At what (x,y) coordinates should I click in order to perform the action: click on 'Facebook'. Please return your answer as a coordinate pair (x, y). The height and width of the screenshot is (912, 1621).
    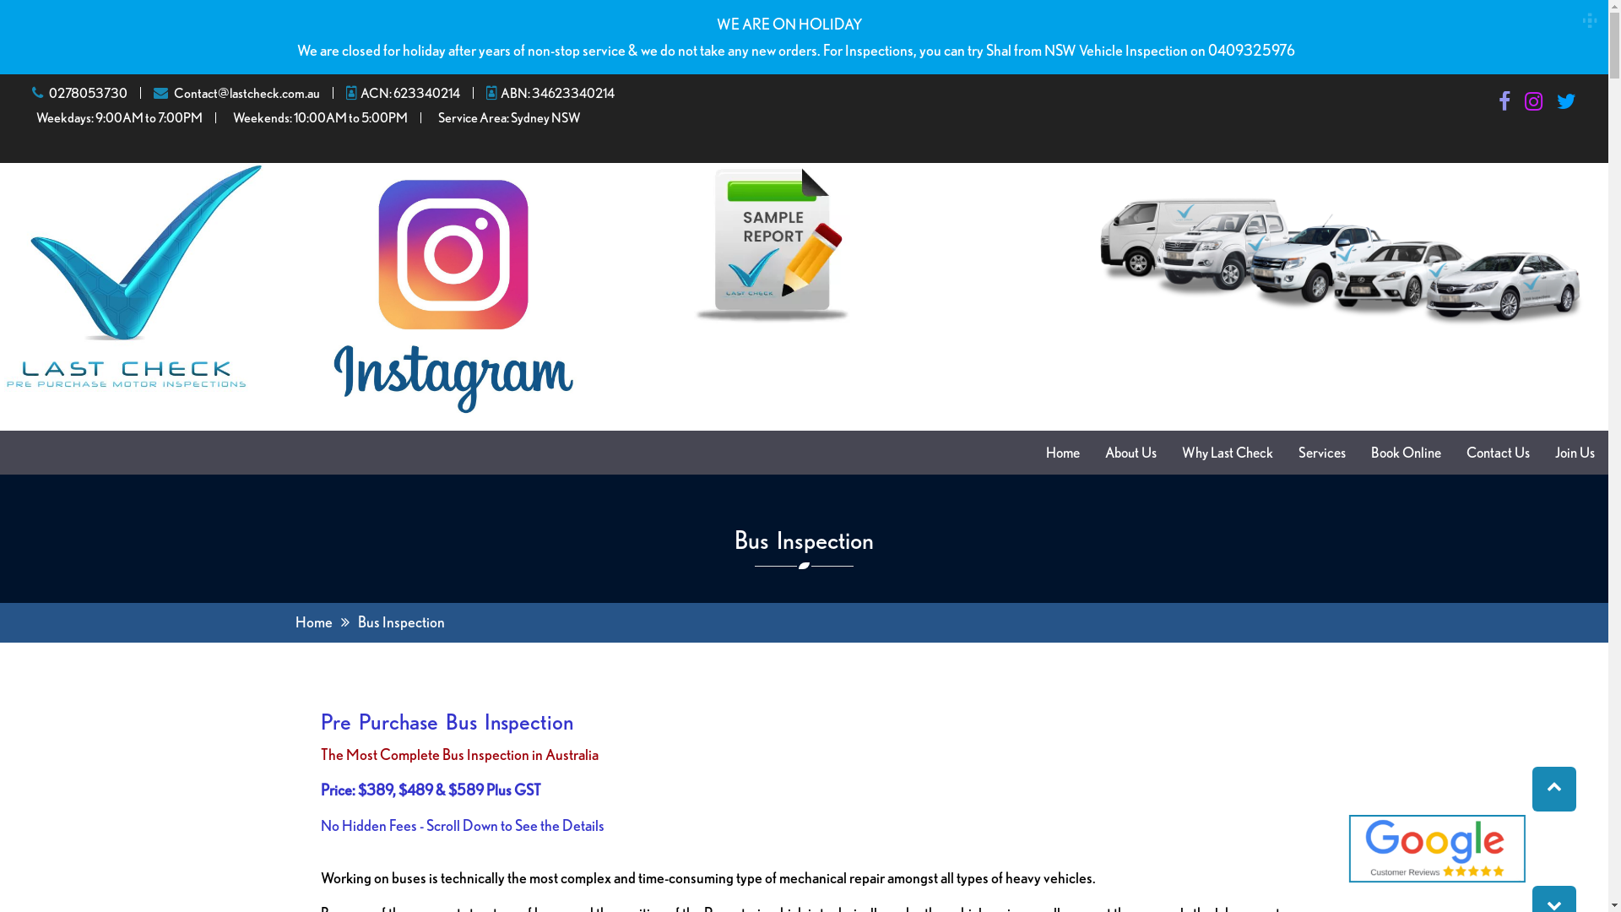
    Looking at the image, I should click on (1504, 104).